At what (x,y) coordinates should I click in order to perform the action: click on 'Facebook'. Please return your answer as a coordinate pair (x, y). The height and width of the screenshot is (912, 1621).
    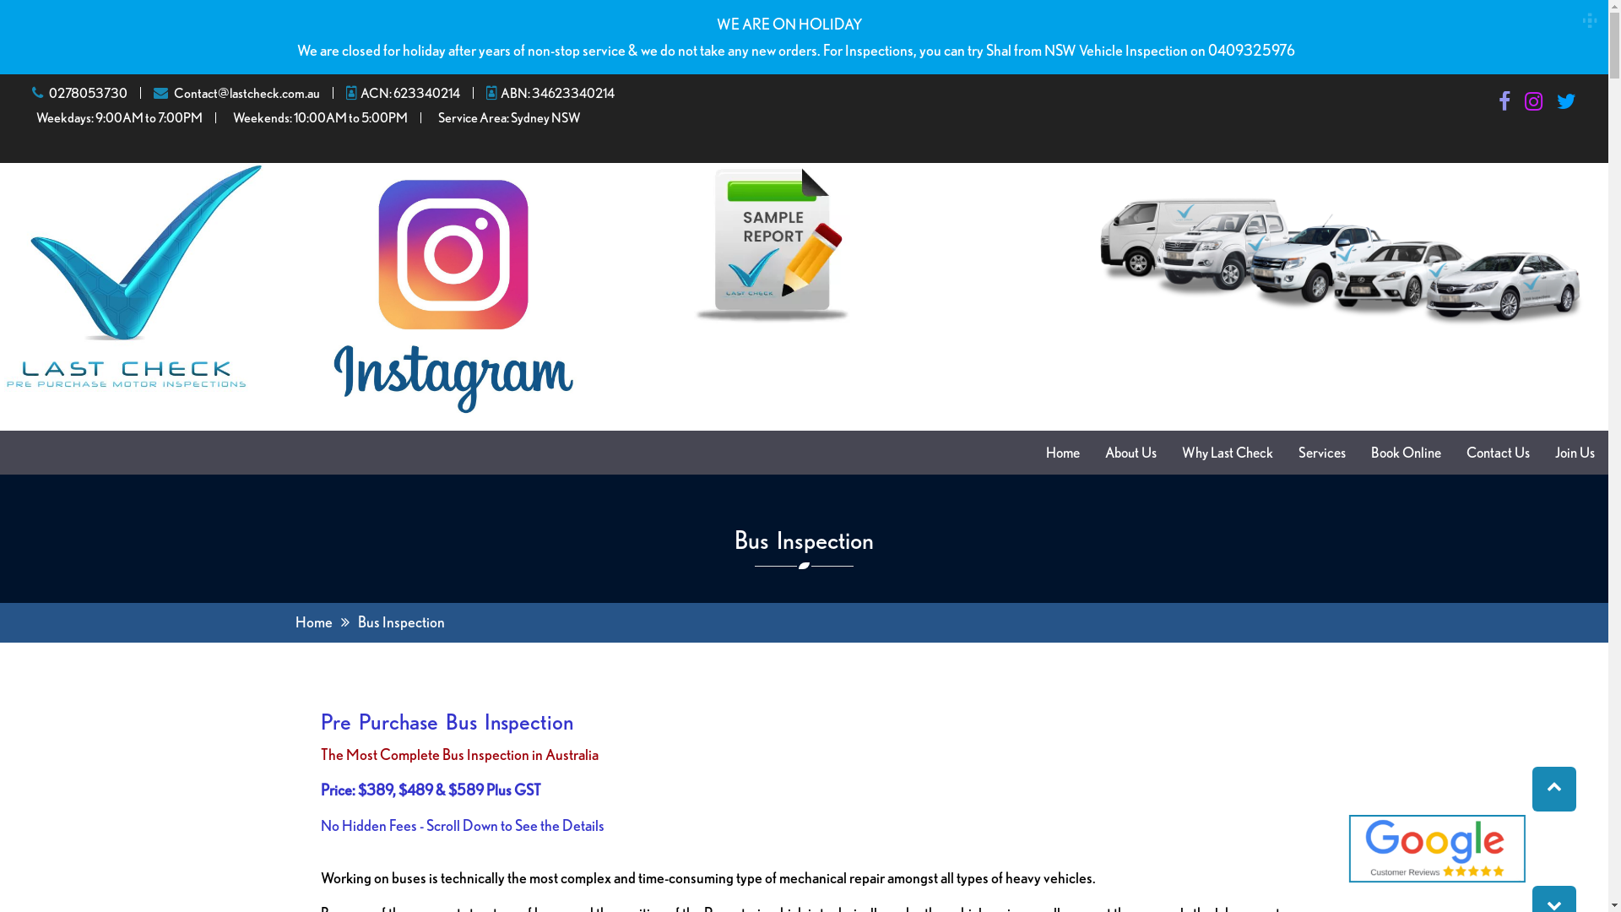
    Looking at the image, I should click on (1504, 104).